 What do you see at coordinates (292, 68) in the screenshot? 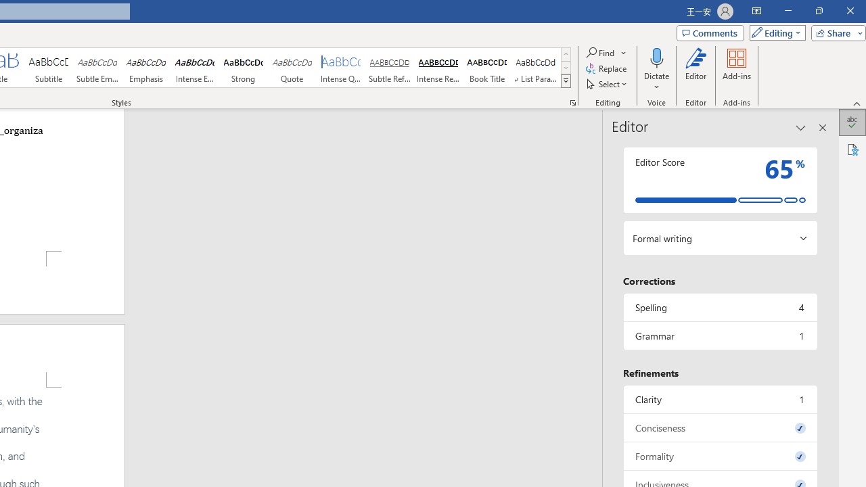
I see `'Quote'` at bounding box center [292, 68].